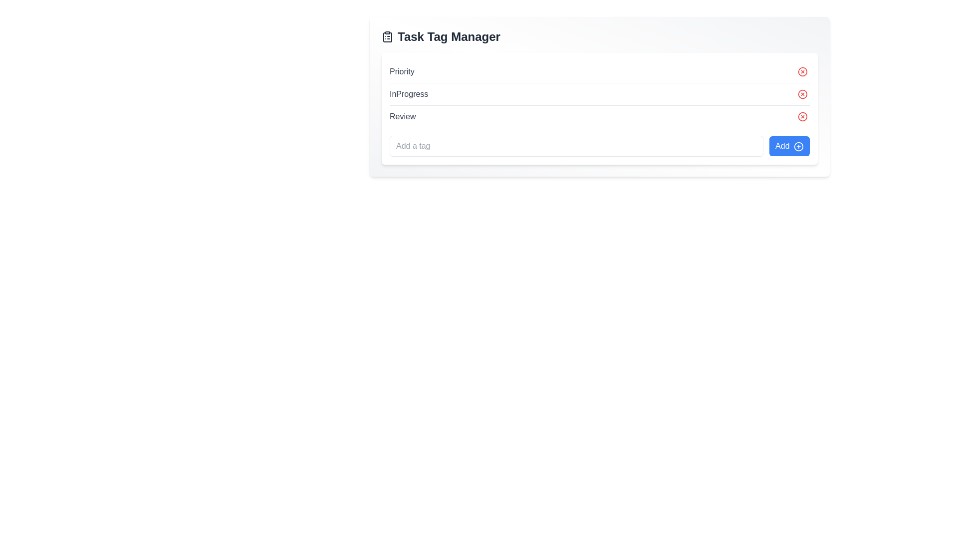 This screenshot has width=958, height=539. Describe the element at coordinates (403, 116) in the screenshot. I see `the static text element labeled 'Review' located in the third row under 'Task Tag Manager', positioned before the delete button and adjacent icon` at that location.